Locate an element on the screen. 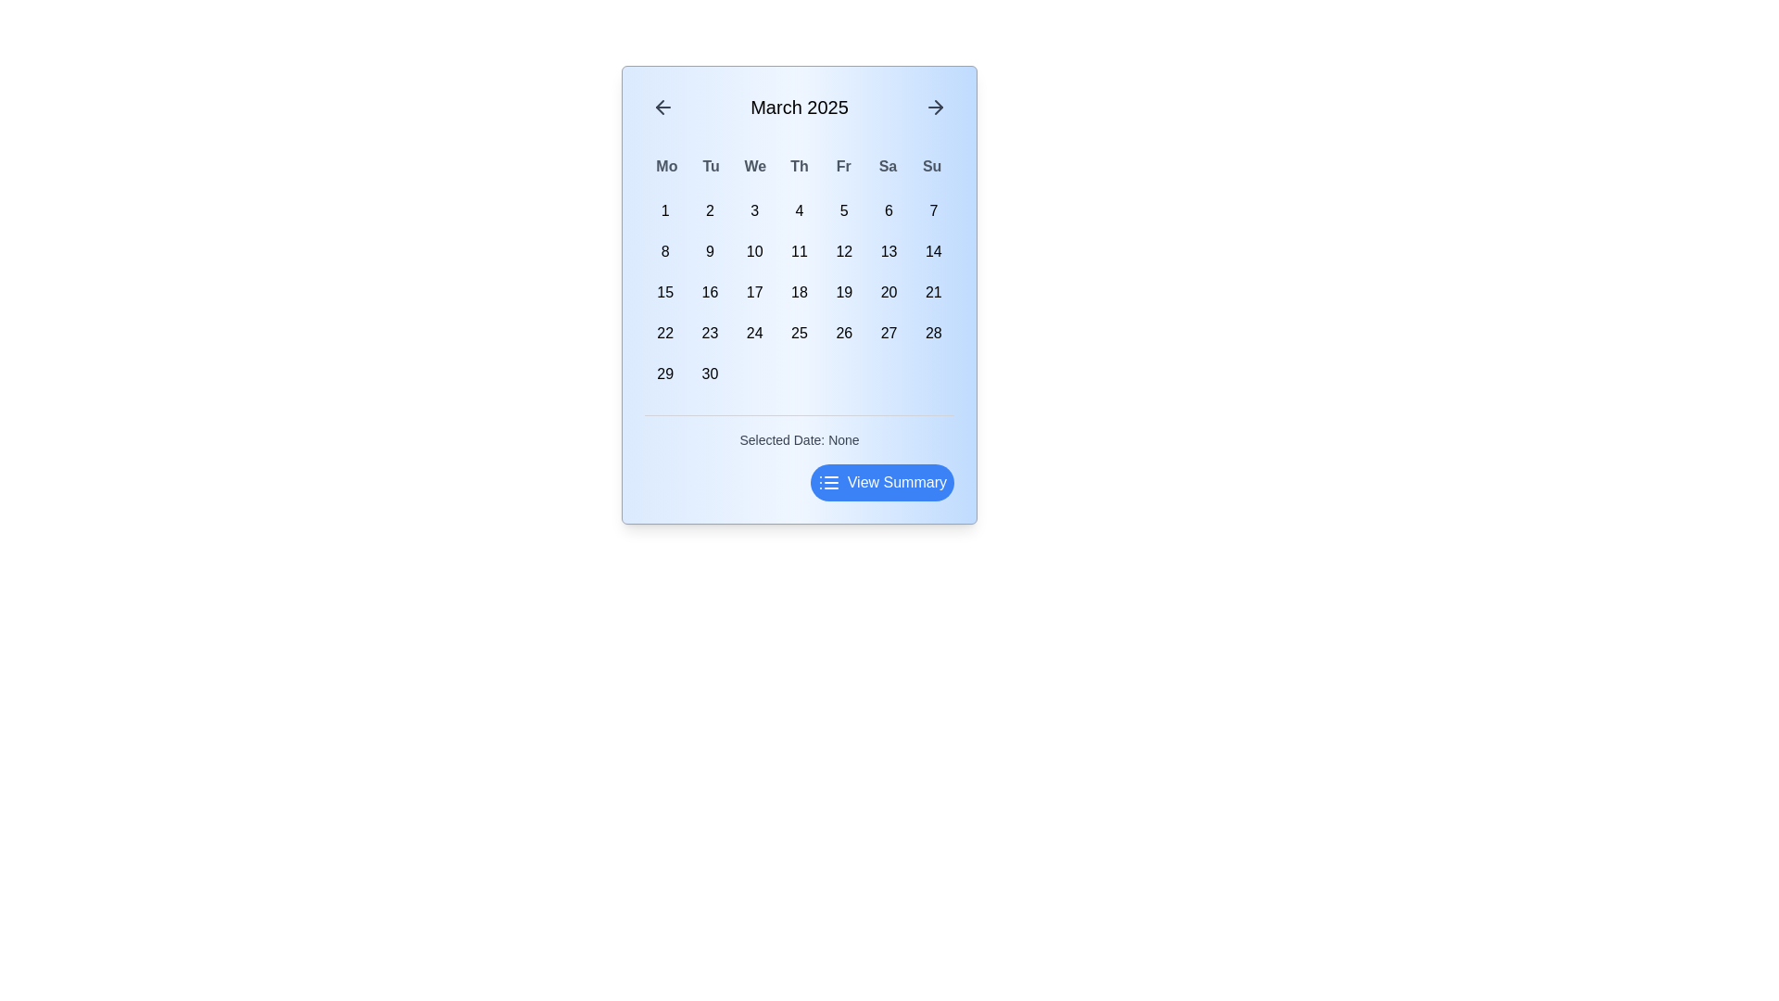  the circular button with a light background and bold text '19' centered within it is located at coordinates (843, 292).